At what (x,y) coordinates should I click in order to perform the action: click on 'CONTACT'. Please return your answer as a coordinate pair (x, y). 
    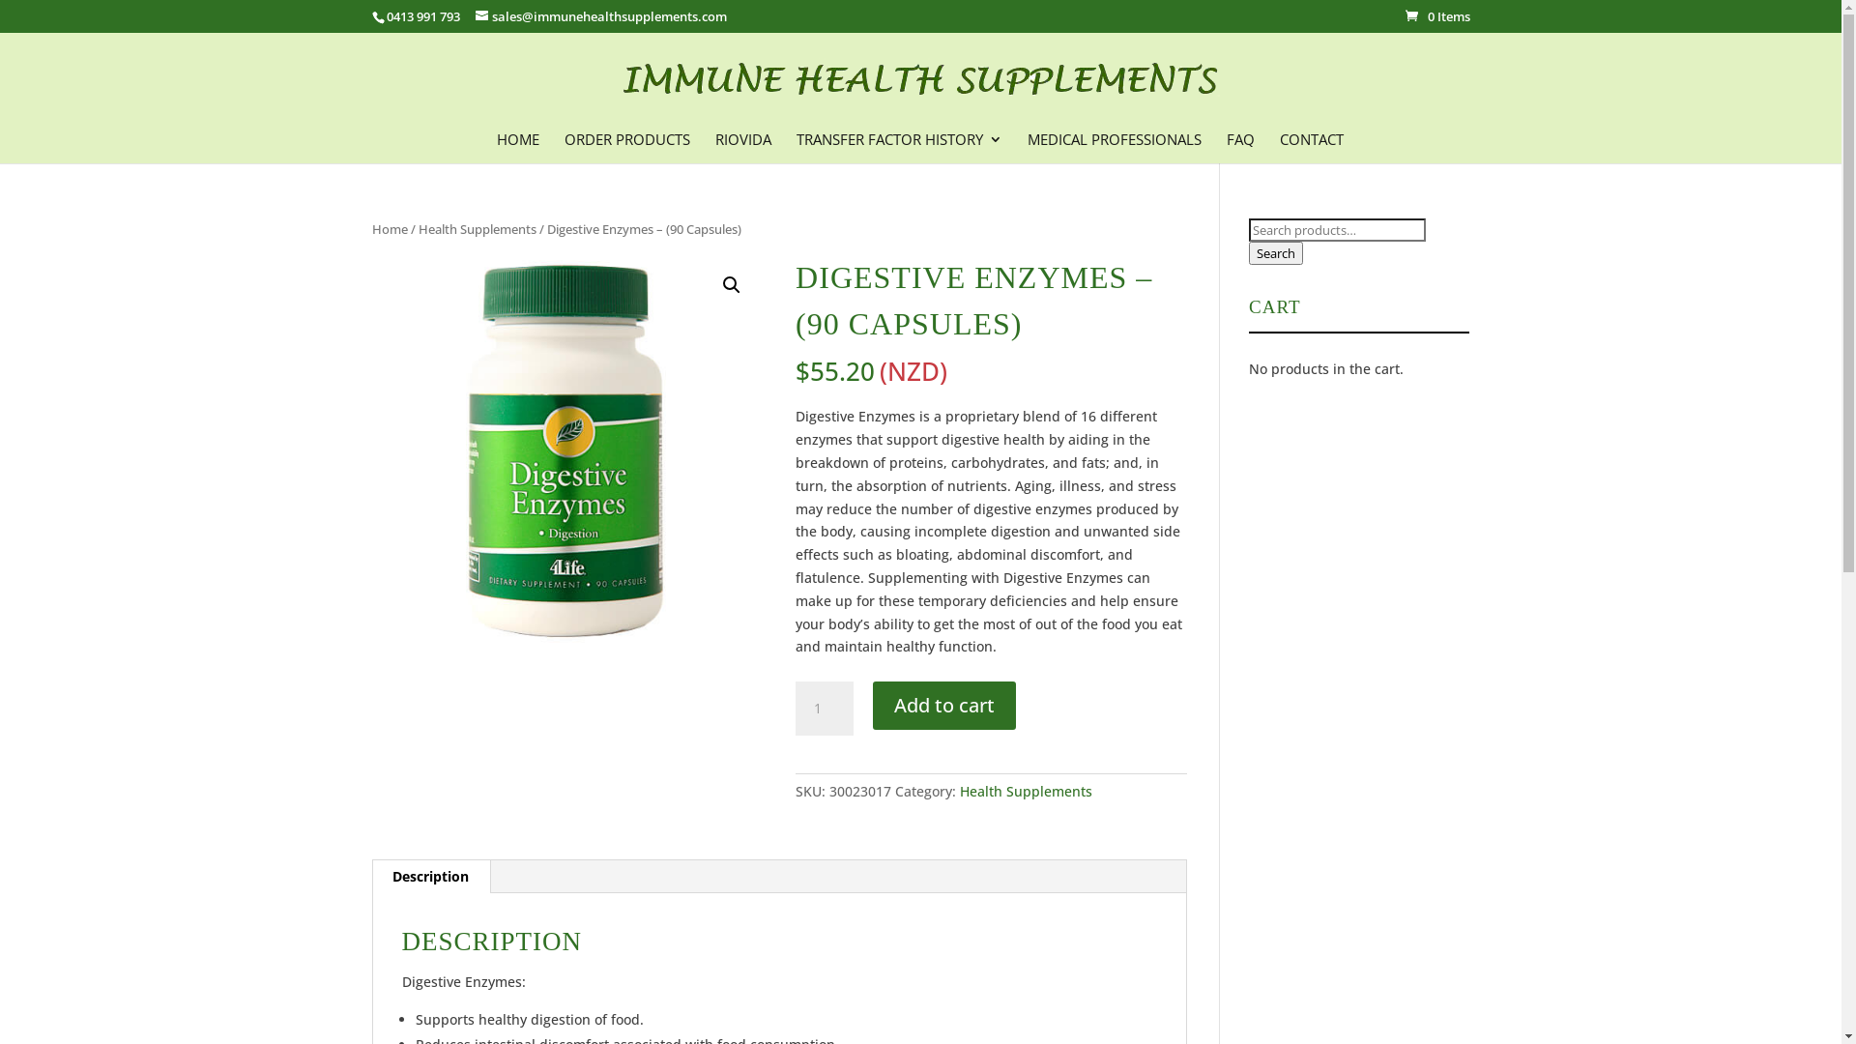
    Looking at the image, I should click on (1312, 145).